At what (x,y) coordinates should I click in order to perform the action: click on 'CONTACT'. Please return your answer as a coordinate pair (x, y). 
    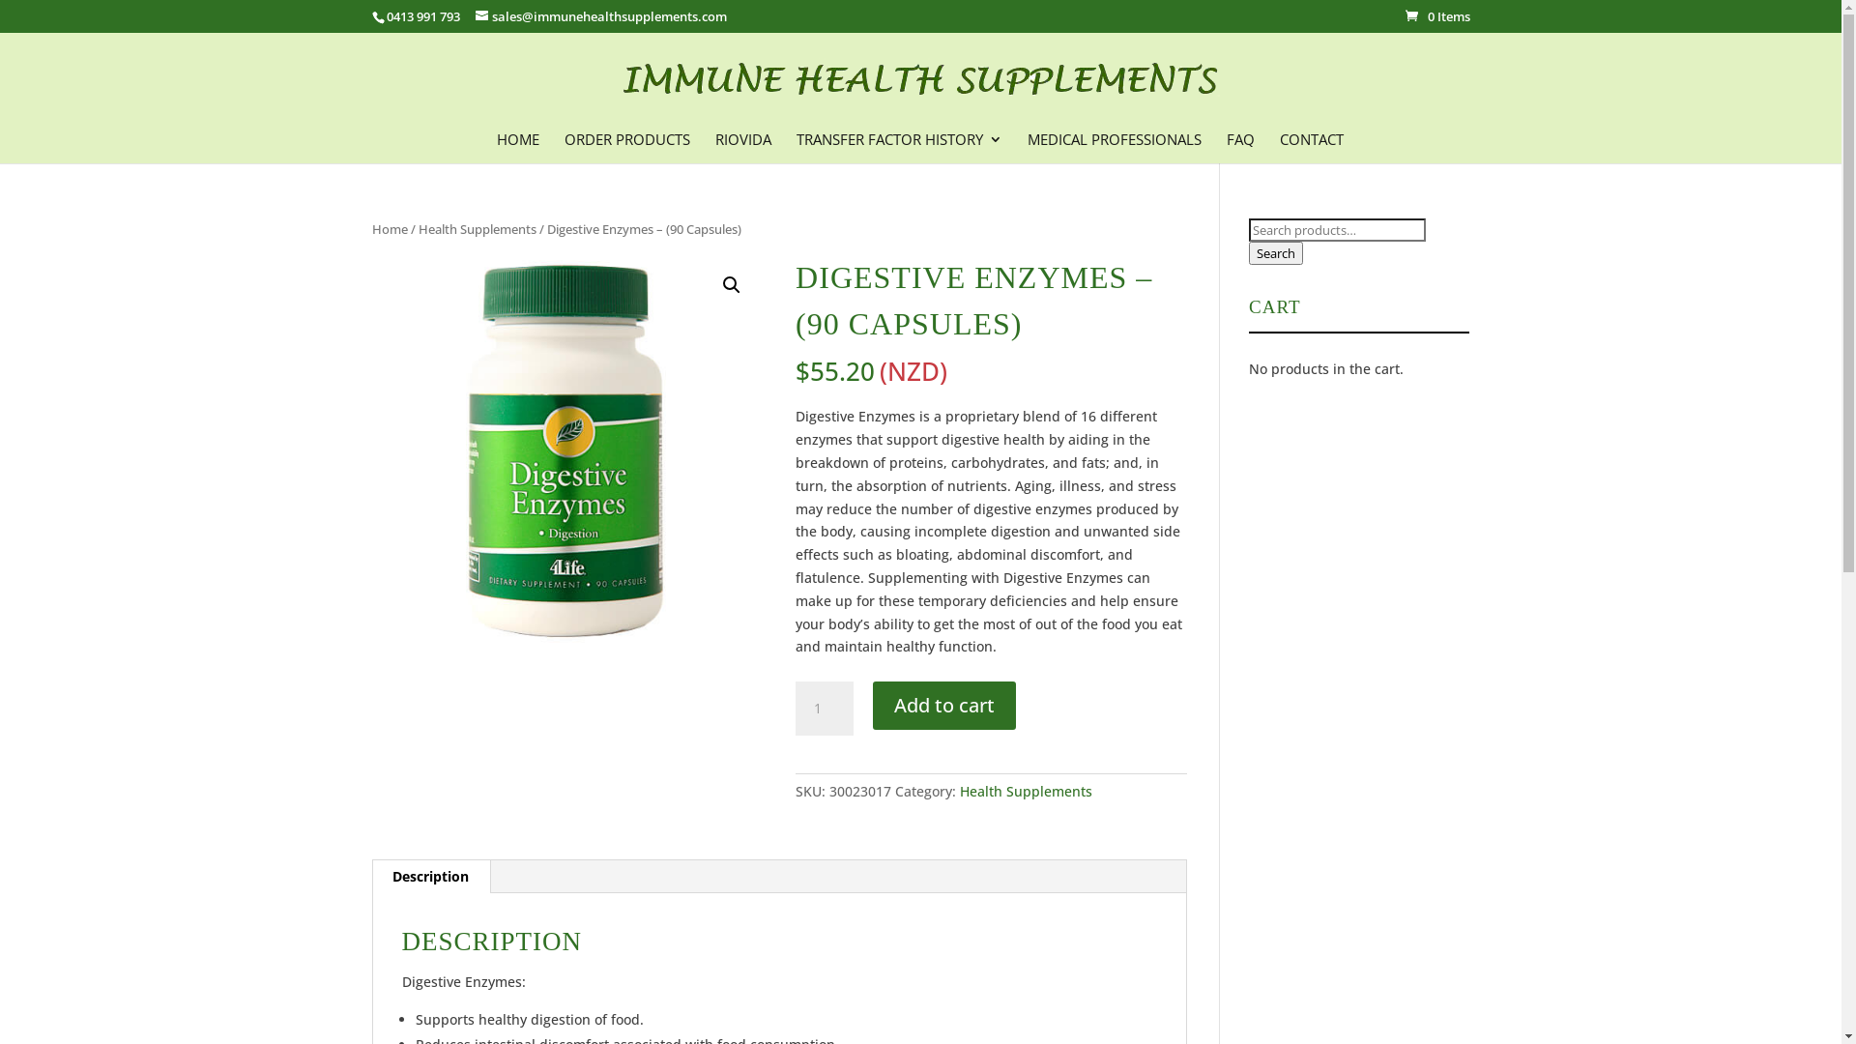
    Looking at the image, I should click on (1312, 145).